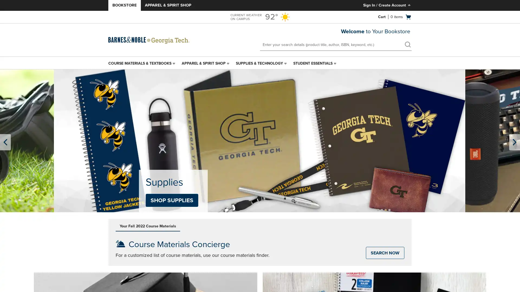  Describe the element at coordinates (378, 210) in the screenshot. I see `Selected, Slide 1` at that location.